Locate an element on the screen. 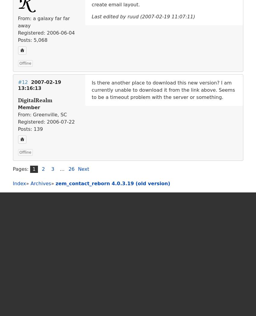 This screenshot has width=256, height=316. 'Contact us' is located at coordinates (129, 303).